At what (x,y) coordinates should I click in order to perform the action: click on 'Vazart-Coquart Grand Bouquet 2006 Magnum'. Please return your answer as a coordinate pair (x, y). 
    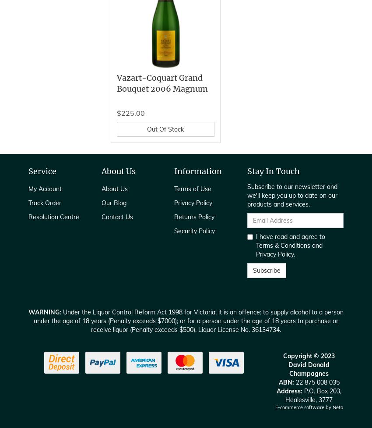
    Looking at the image, I should click on (116, 82).